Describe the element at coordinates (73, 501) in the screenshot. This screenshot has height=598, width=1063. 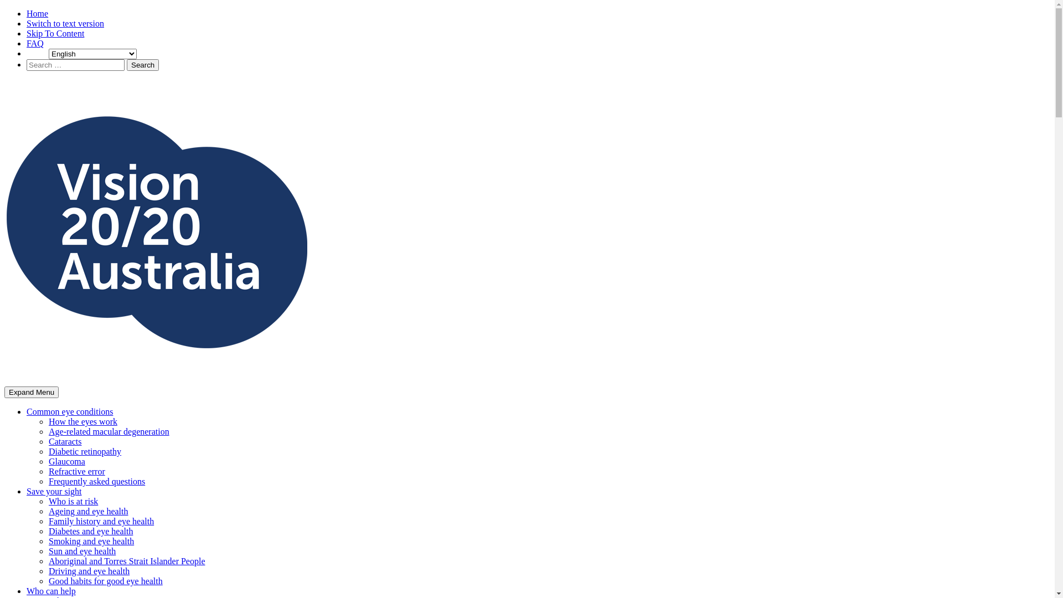
I see `'Who is at risk'` at that location.